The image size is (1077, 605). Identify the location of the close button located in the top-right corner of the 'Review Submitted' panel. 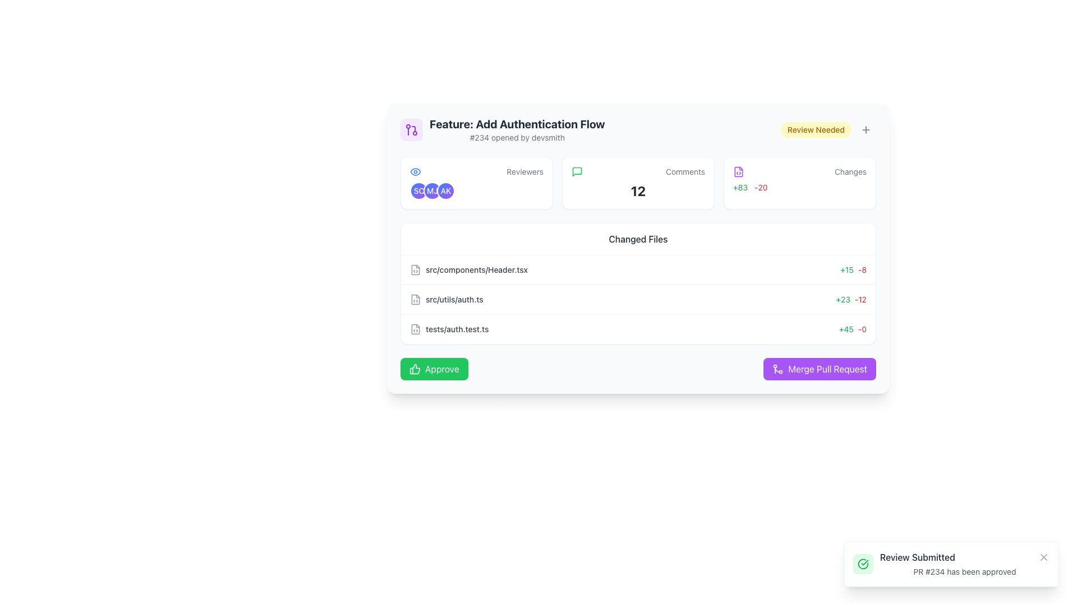
(1043, 557).